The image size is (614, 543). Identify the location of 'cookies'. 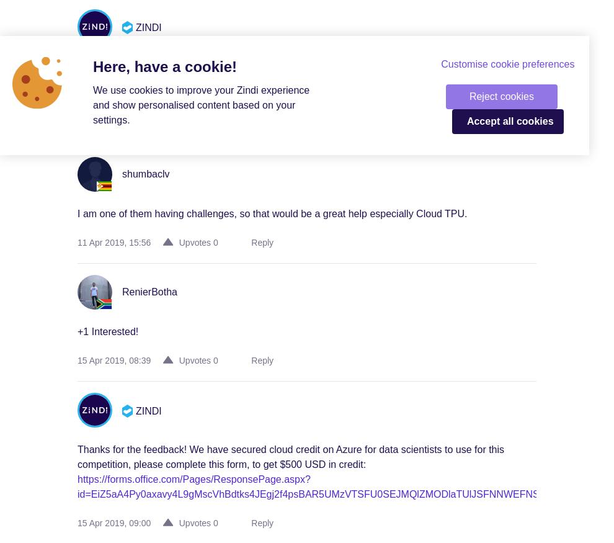
(533, 121).